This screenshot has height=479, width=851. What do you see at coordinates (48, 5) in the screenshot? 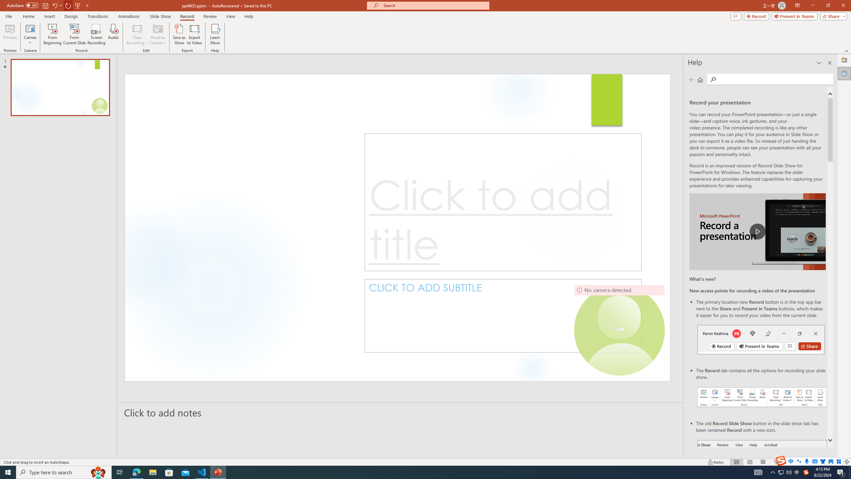
I see `'Quick Access Toolbar'` at bounding box center [48, 5].